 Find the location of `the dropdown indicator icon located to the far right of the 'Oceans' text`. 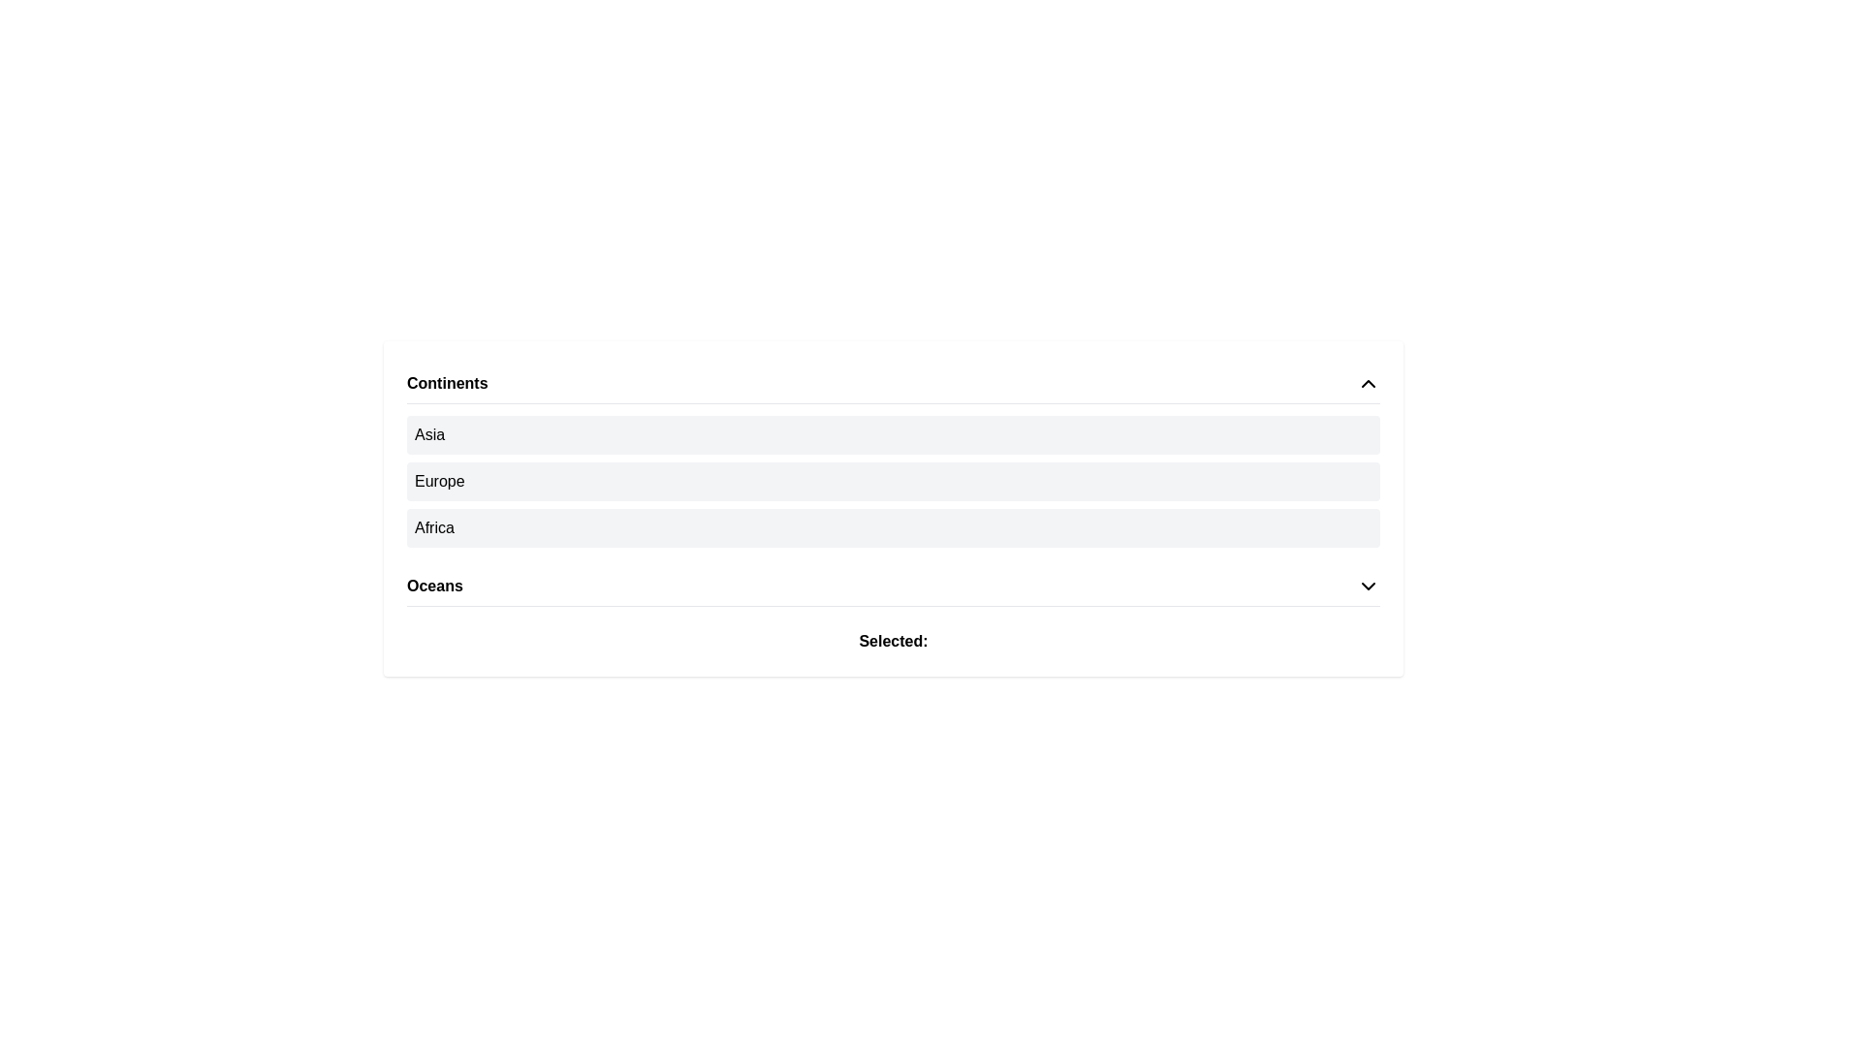

the dropdown indicator icon located to the far right of the 'Oceans' text is located at coordinates (1367, 586).